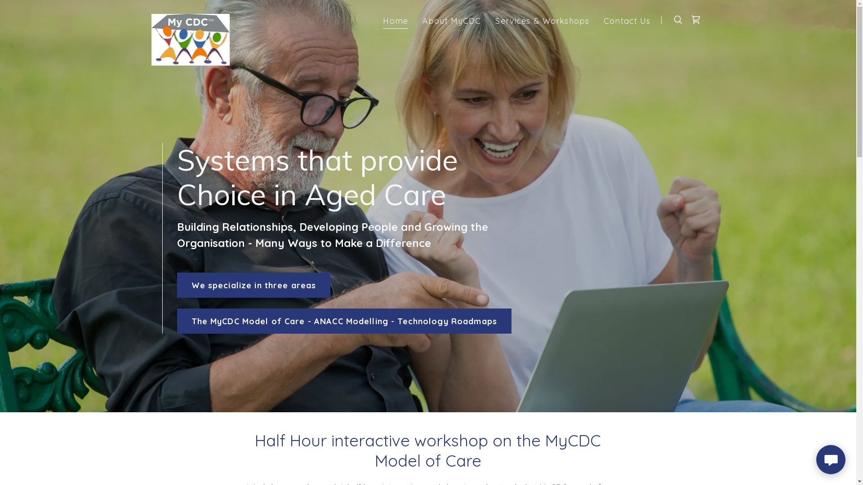 The height and width of the screenshot is (485, 863). I want to click on 'Home', so click(395, 21).